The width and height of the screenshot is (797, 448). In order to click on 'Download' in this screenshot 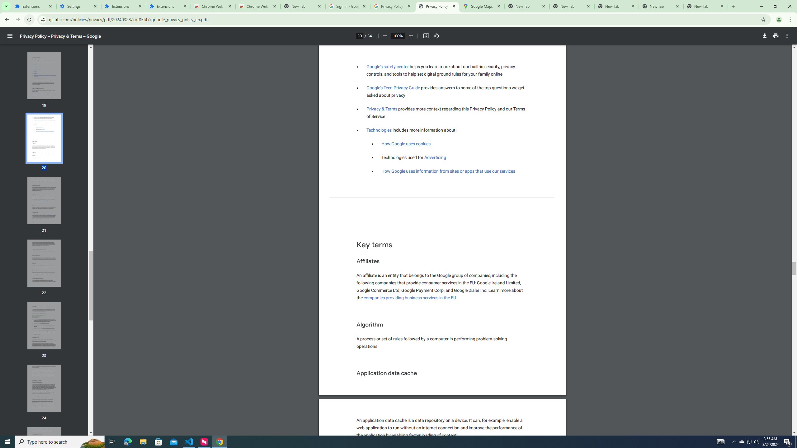, I will do `click(764, 35)`.